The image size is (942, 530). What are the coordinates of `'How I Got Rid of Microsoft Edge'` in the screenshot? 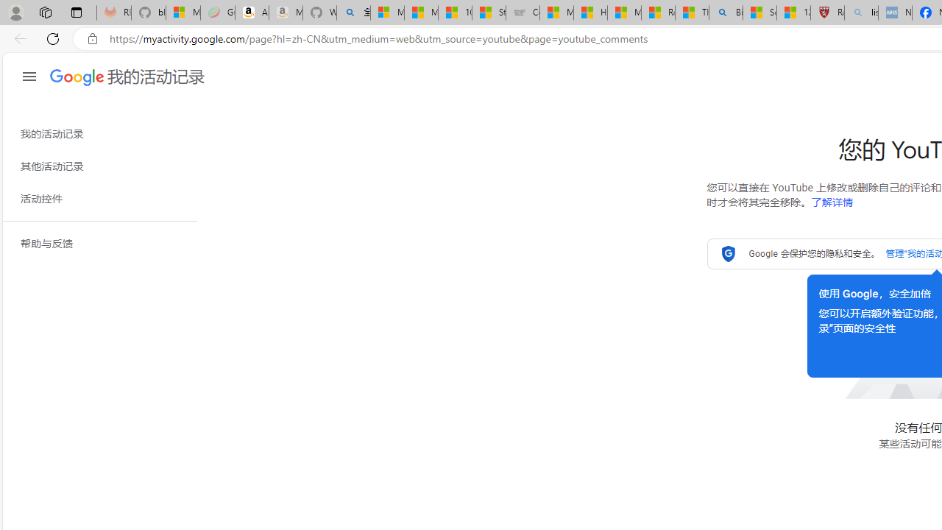 It's located at (590, 13).